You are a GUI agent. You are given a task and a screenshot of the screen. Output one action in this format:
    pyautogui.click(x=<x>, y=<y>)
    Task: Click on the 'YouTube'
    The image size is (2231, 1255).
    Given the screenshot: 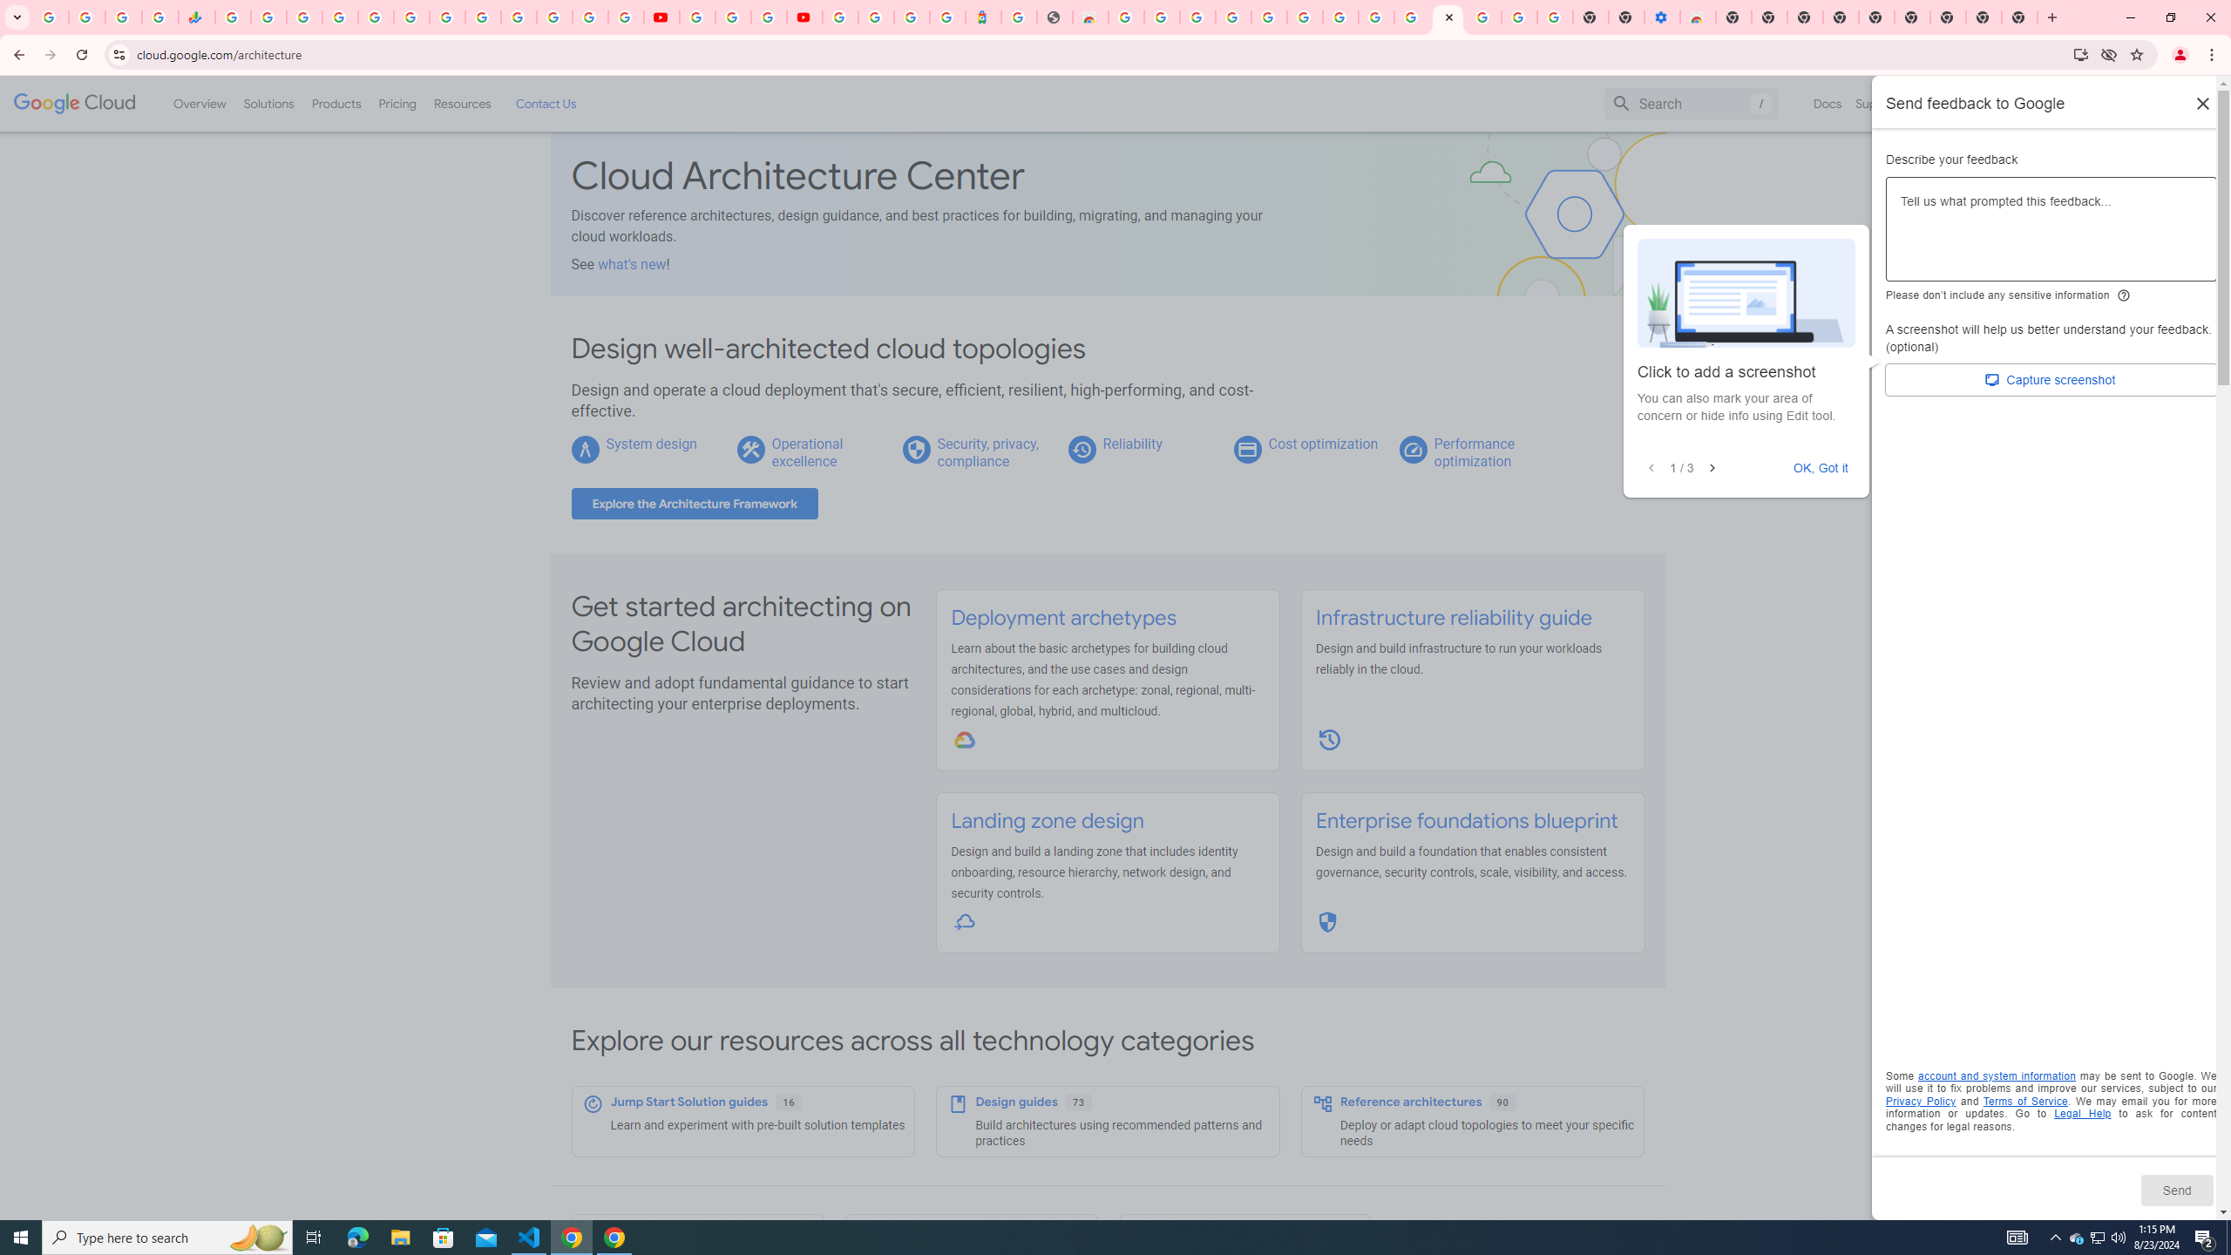 What is the action you would take?
    pyautogui.click(x=661, y=17)
    